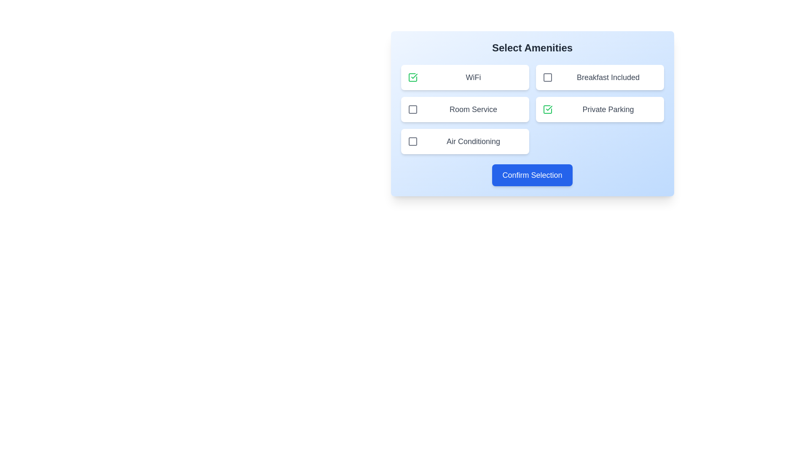 This screenshot has width=809, height=455. Describe the element at coordinates (549, 108) in the screenshot. I see `the green checkmark icon that indicates the selection state of the 'Private Parking' checkbox` at that location.